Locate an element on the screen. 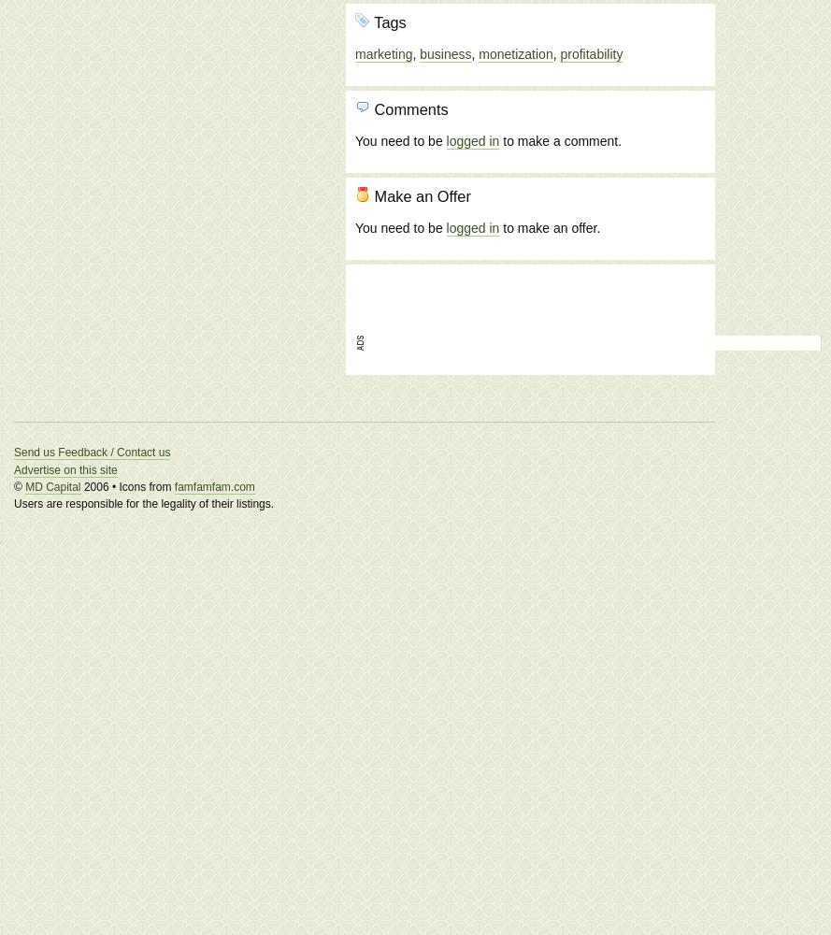  'MD Capital' is located at coordinates (25, 486).